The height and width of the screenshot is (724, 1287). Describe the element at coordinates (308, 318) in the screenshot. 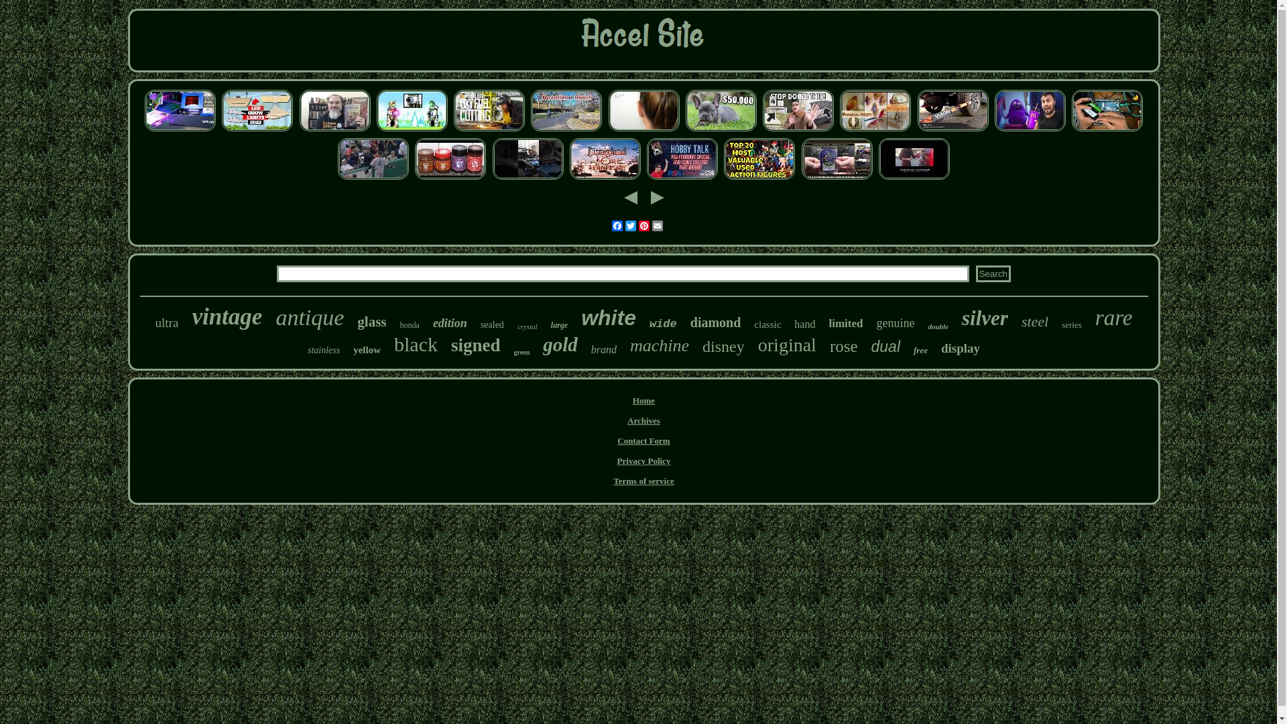

I see `'antique'` at that location.